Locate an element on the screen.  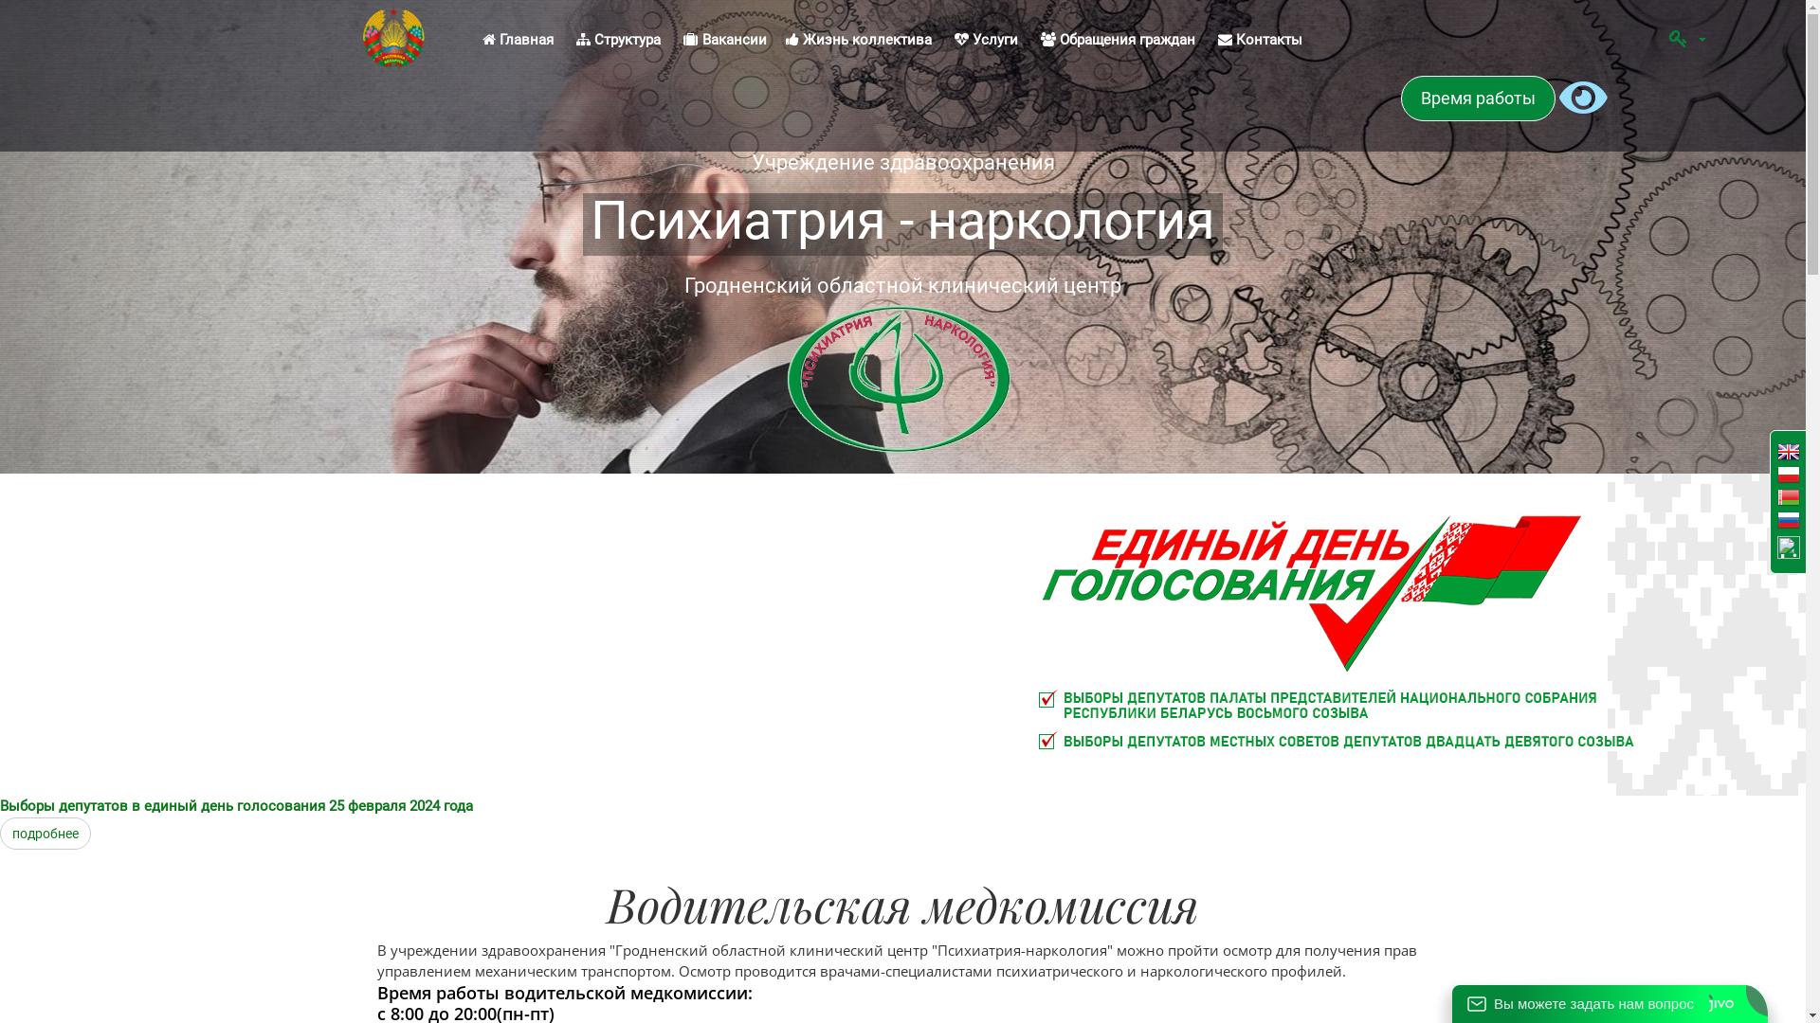
'Poland' is located at coordinates (1787, 476).